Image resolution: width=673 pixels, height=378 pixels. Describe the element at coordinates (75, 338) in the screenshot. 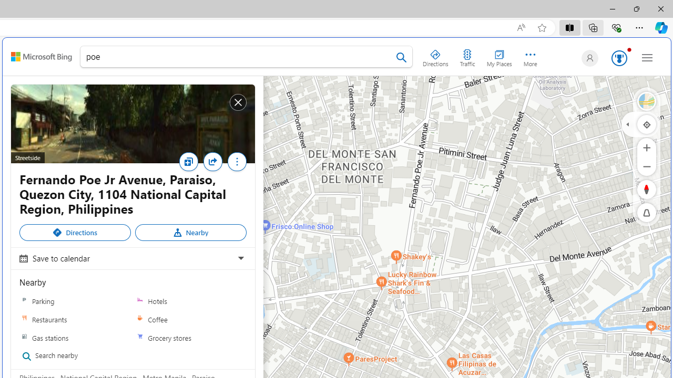

I see `'Gas stations'` at that location.